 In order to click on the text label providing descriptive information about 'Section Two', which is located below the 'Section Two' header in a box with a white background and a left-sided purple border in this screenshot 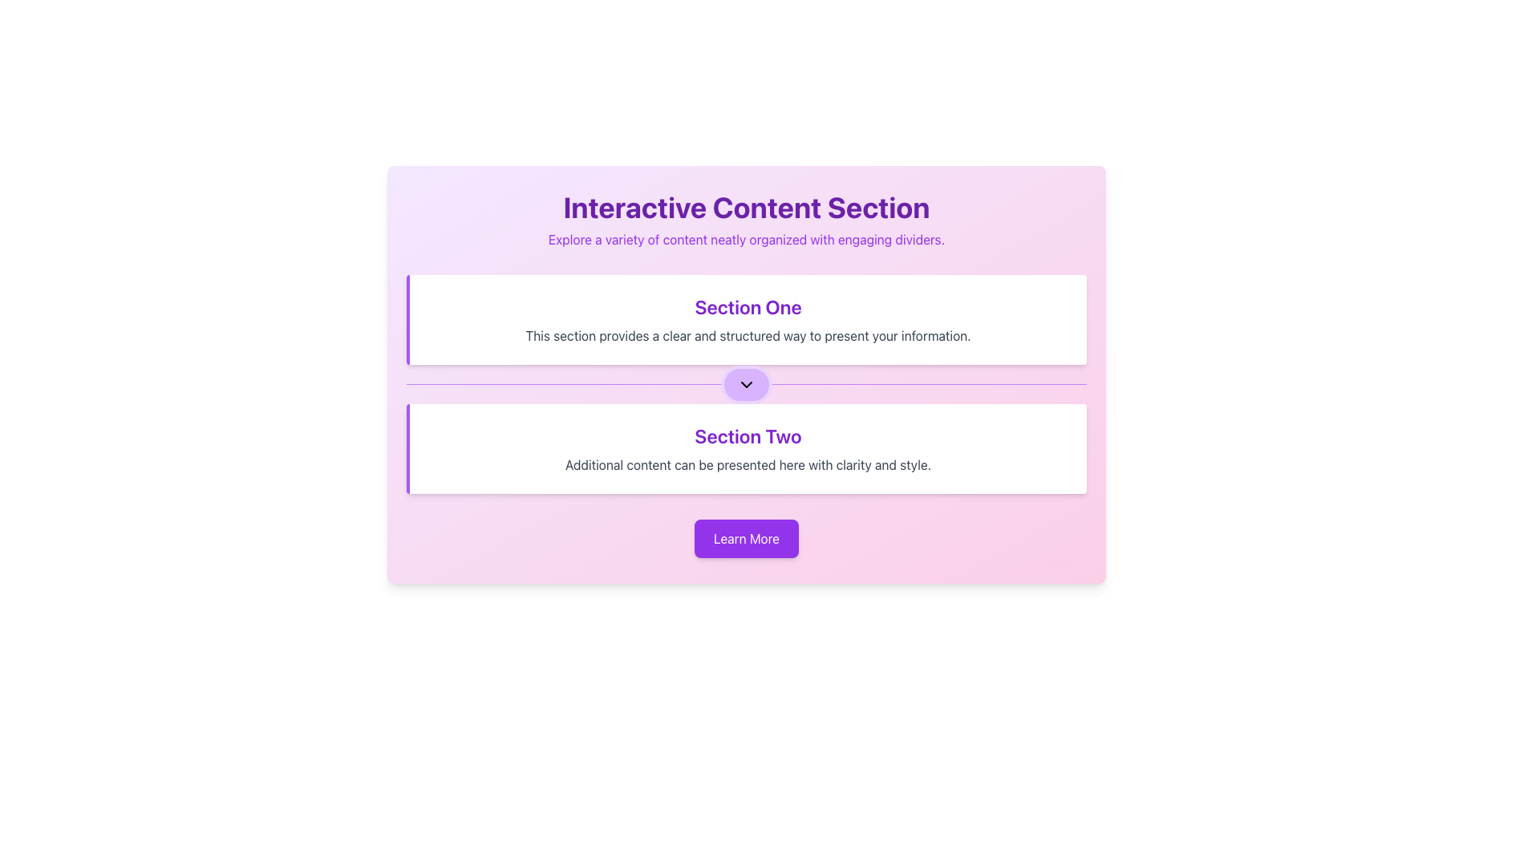, I will do `click(747, 464)`.